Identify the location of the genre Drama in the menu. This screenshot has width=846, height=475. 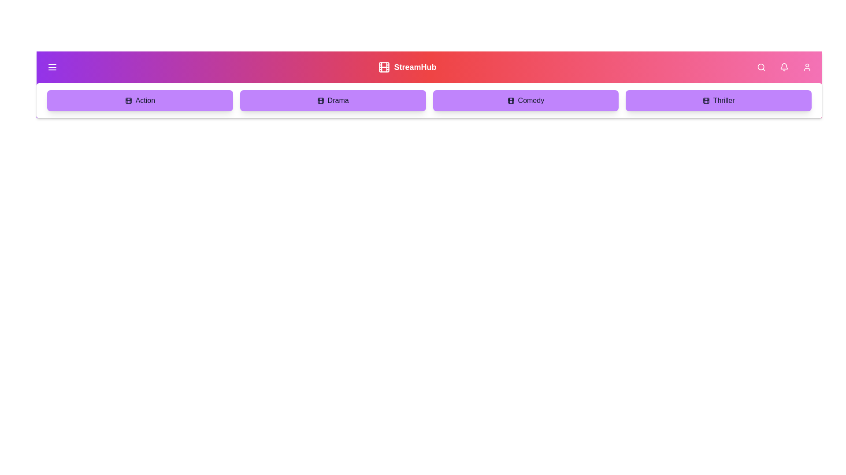
(332, 100).